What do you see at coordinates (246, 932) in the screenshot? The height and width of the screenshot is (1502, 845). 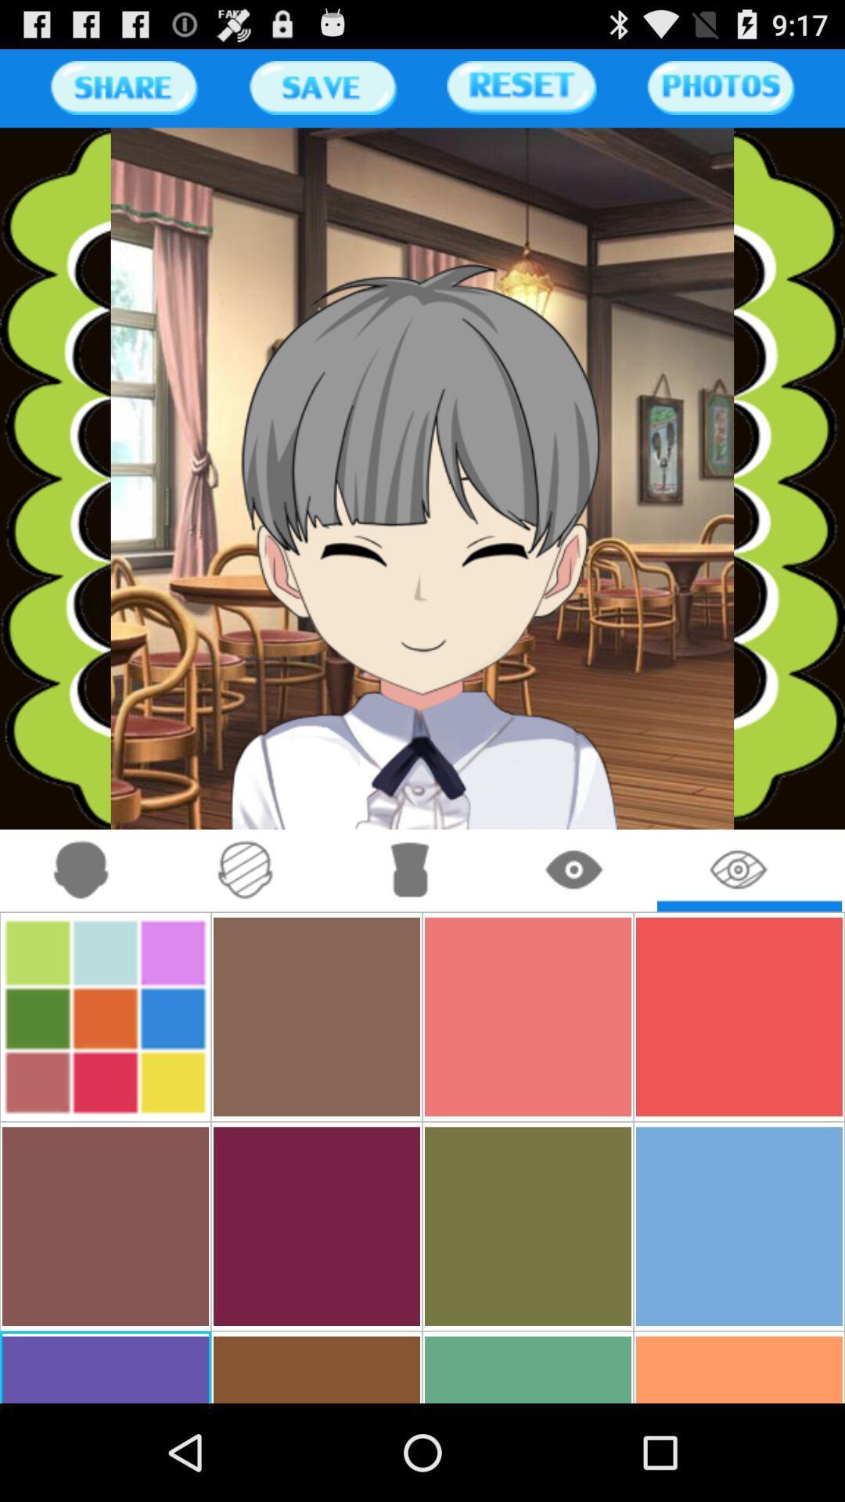 I see `the attach_file icon` at bounding box center [246, 932].